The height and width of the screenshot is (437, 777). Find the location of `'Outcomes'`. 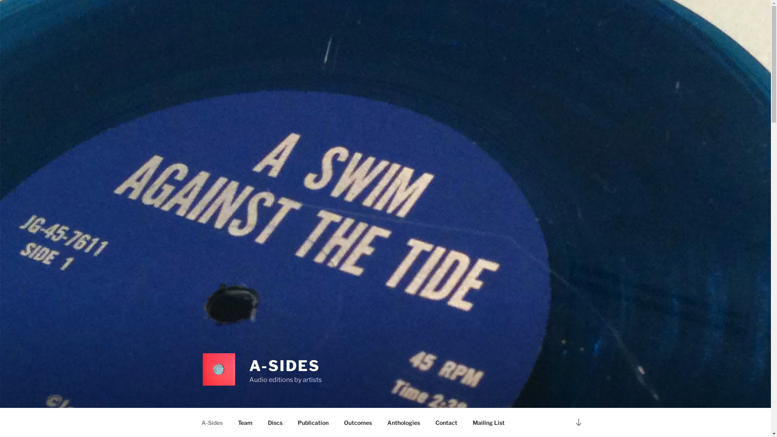

'Outcomes' is located at coordinates (357, 422).